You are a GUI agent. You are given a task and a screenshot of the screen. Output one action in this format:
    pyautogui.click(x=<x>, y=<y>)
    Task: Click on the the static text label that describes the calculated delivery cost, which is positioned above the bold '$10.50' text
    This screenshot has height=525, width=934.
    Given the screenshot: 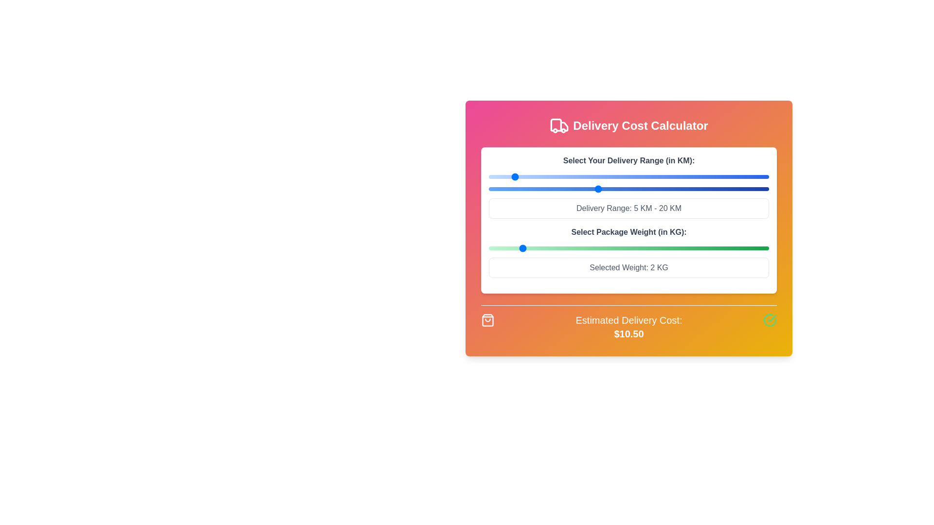 What is the action you would take?
    pyautogui.click(x=629, y=320)
    